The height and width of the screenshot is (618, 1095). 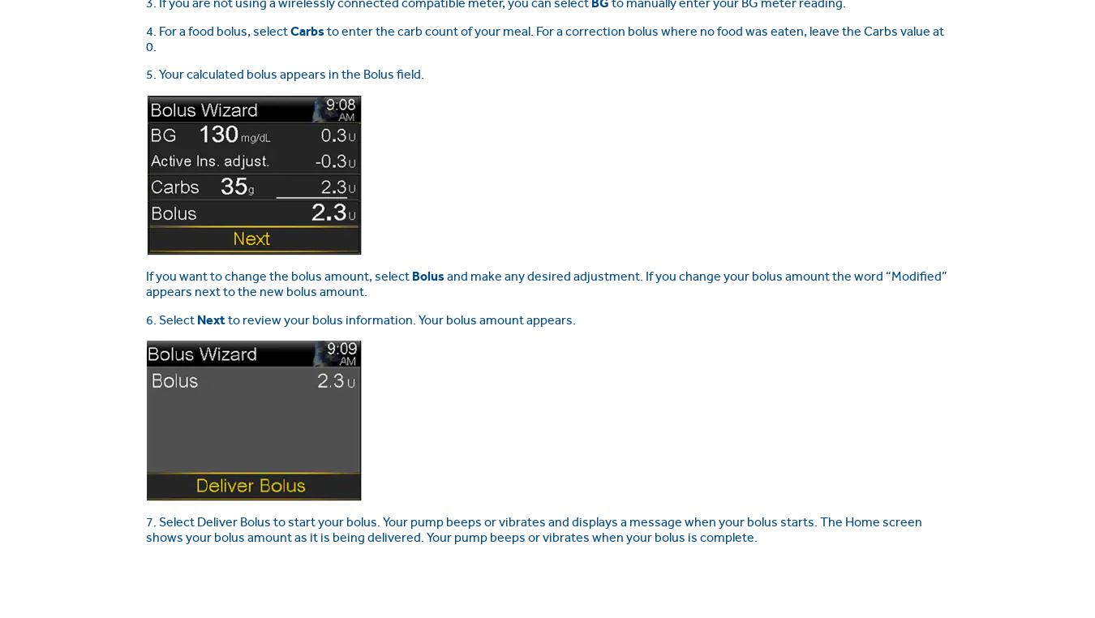 I want to click on 'to review your bolus information. Your bolus amount appears.', so click(x=224, y=318).